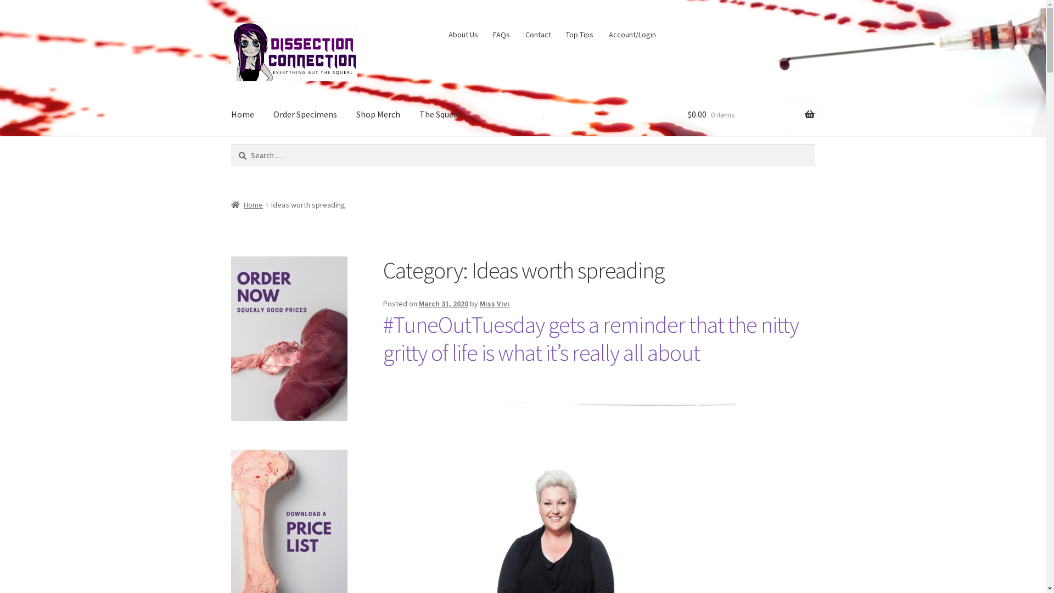 This screenshot has width=1054, height=593. What do you see at coordinates (246, 205) in the screenshot?
I see `'Home'` at bounding box center [246, 205].